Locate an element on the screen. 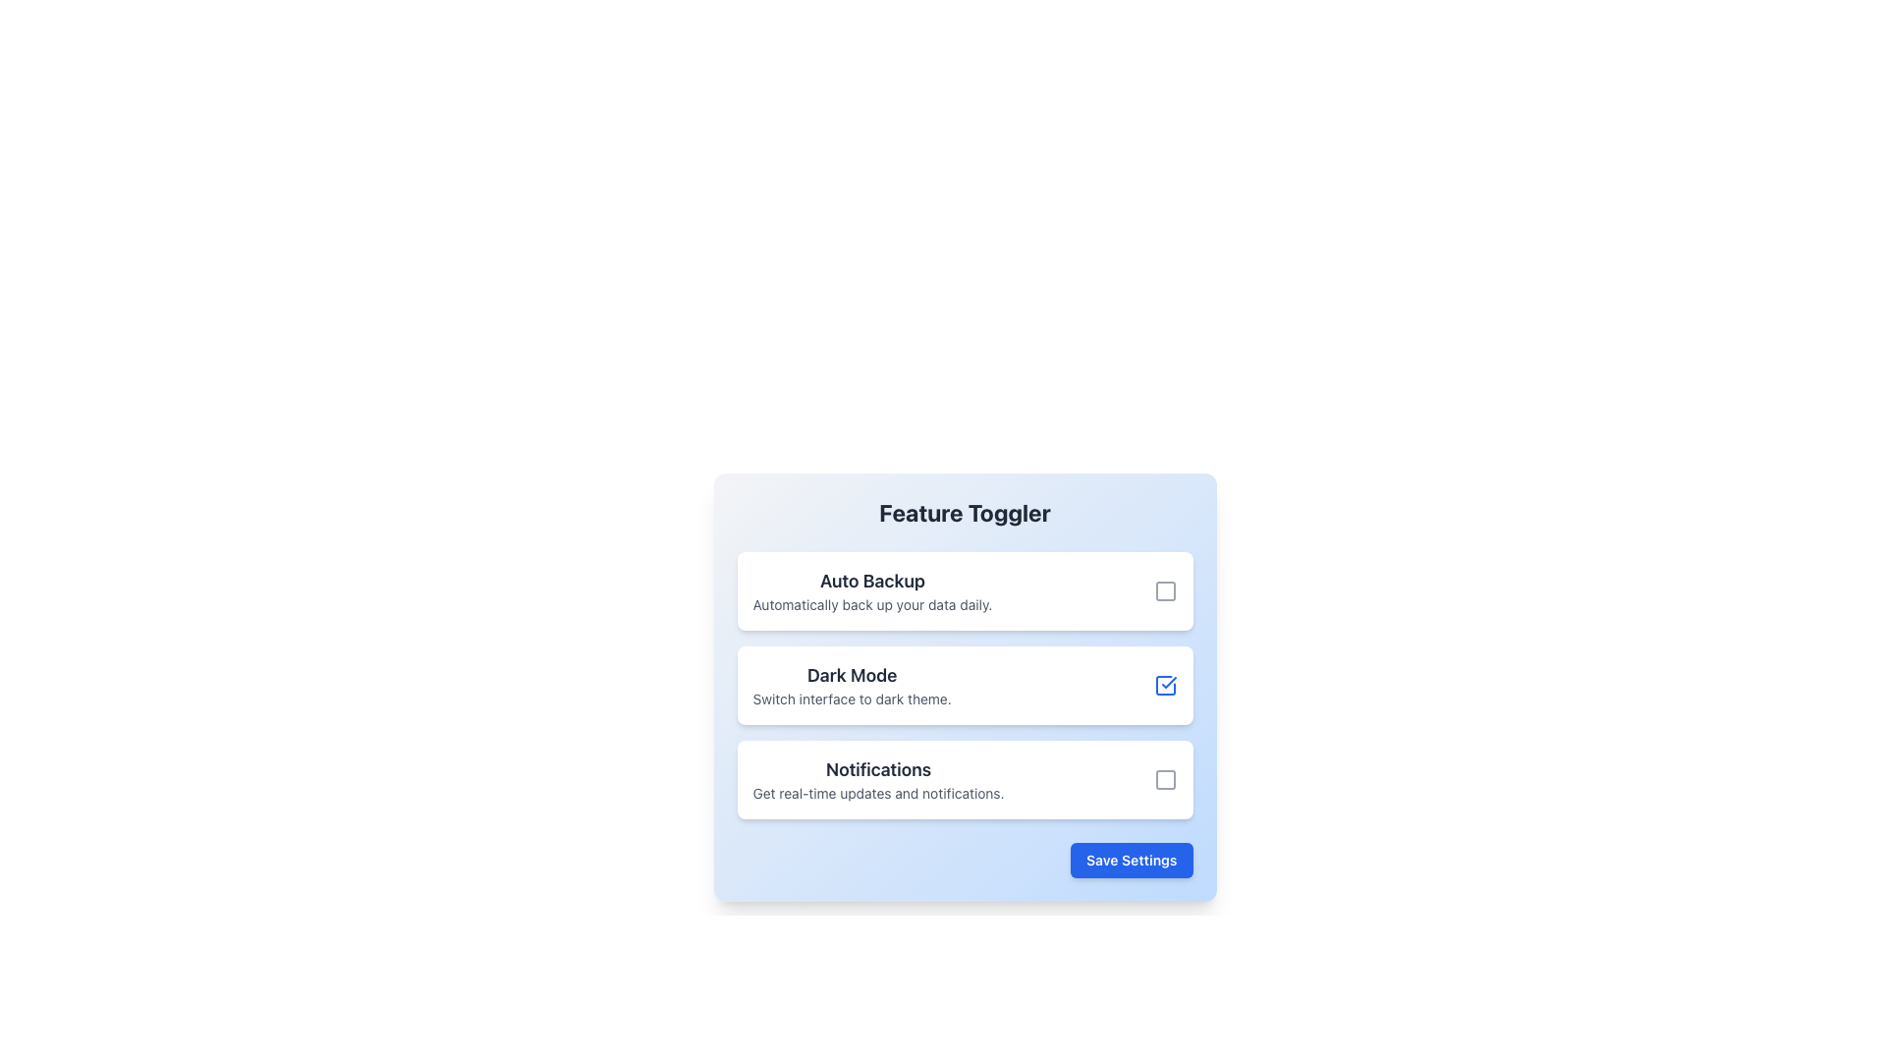  the checkbox located in the 'Dark Mode' section of the 'Feature Toggles' interface is located at coordinates (1165, 685).